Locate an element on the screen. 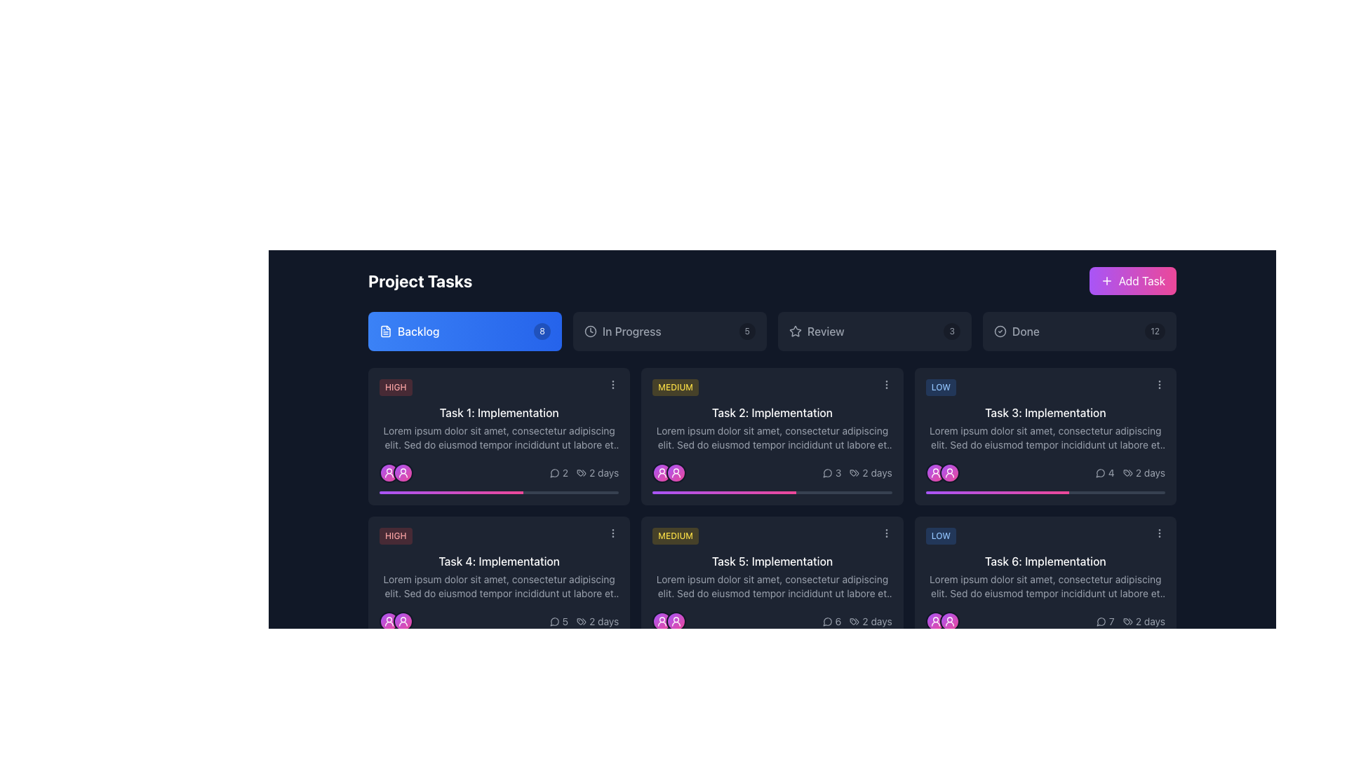 The image size is (1347, 757). the progress bar located at the bottom of the 'Task 2: Implementation' task card, which features a gray background with a purple to pink gradient fill is located at coordinates (771, 491).